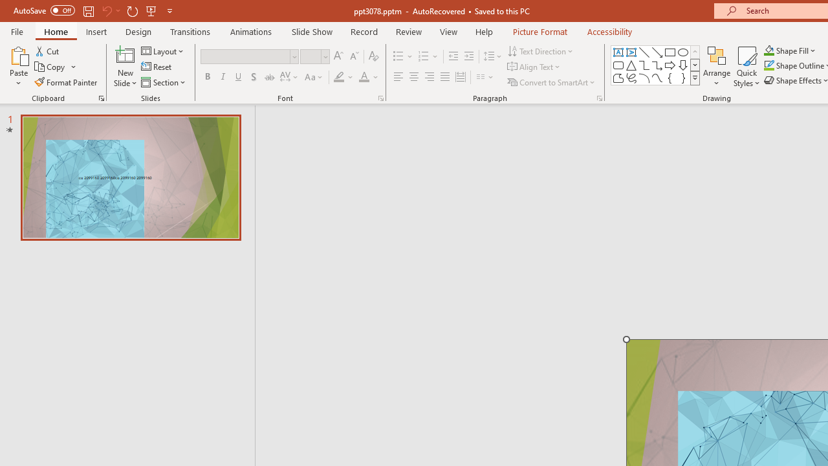 The width and height of the screenshot is (828, 466). I want to click on 'Picture Format', so click(540, 31).